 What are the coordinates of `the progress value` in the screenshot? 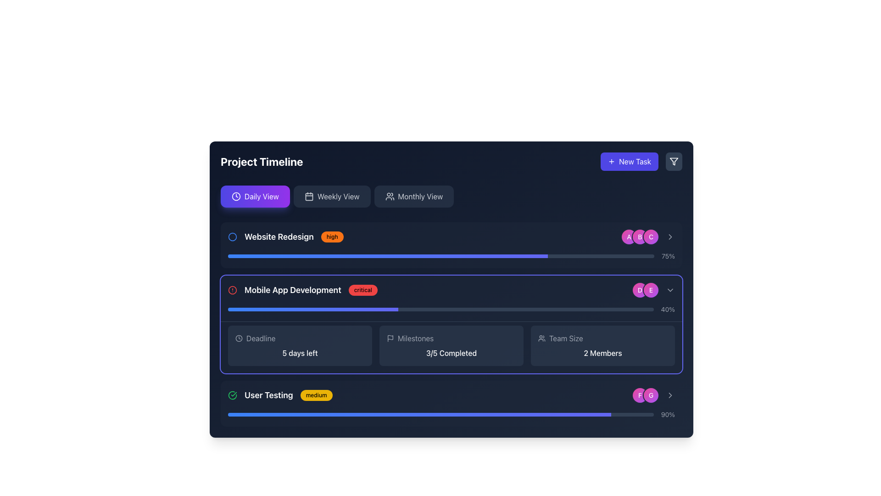 It's located at (499, 414).